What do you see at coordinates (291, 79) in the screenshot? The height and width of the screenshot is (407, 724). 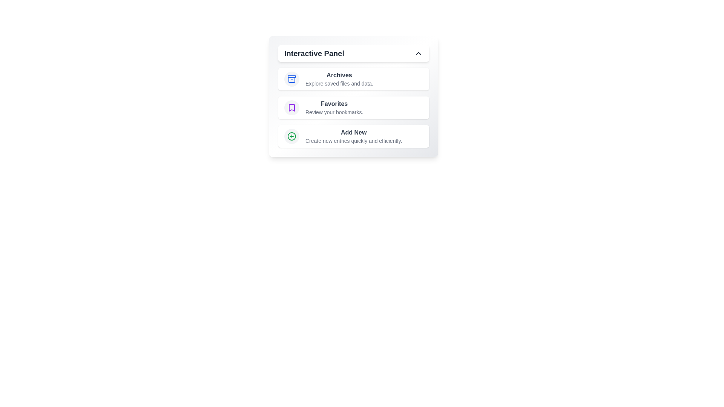 I see `the icon for Archives to trigger its associated interaction` at bounding box center [291, 79].